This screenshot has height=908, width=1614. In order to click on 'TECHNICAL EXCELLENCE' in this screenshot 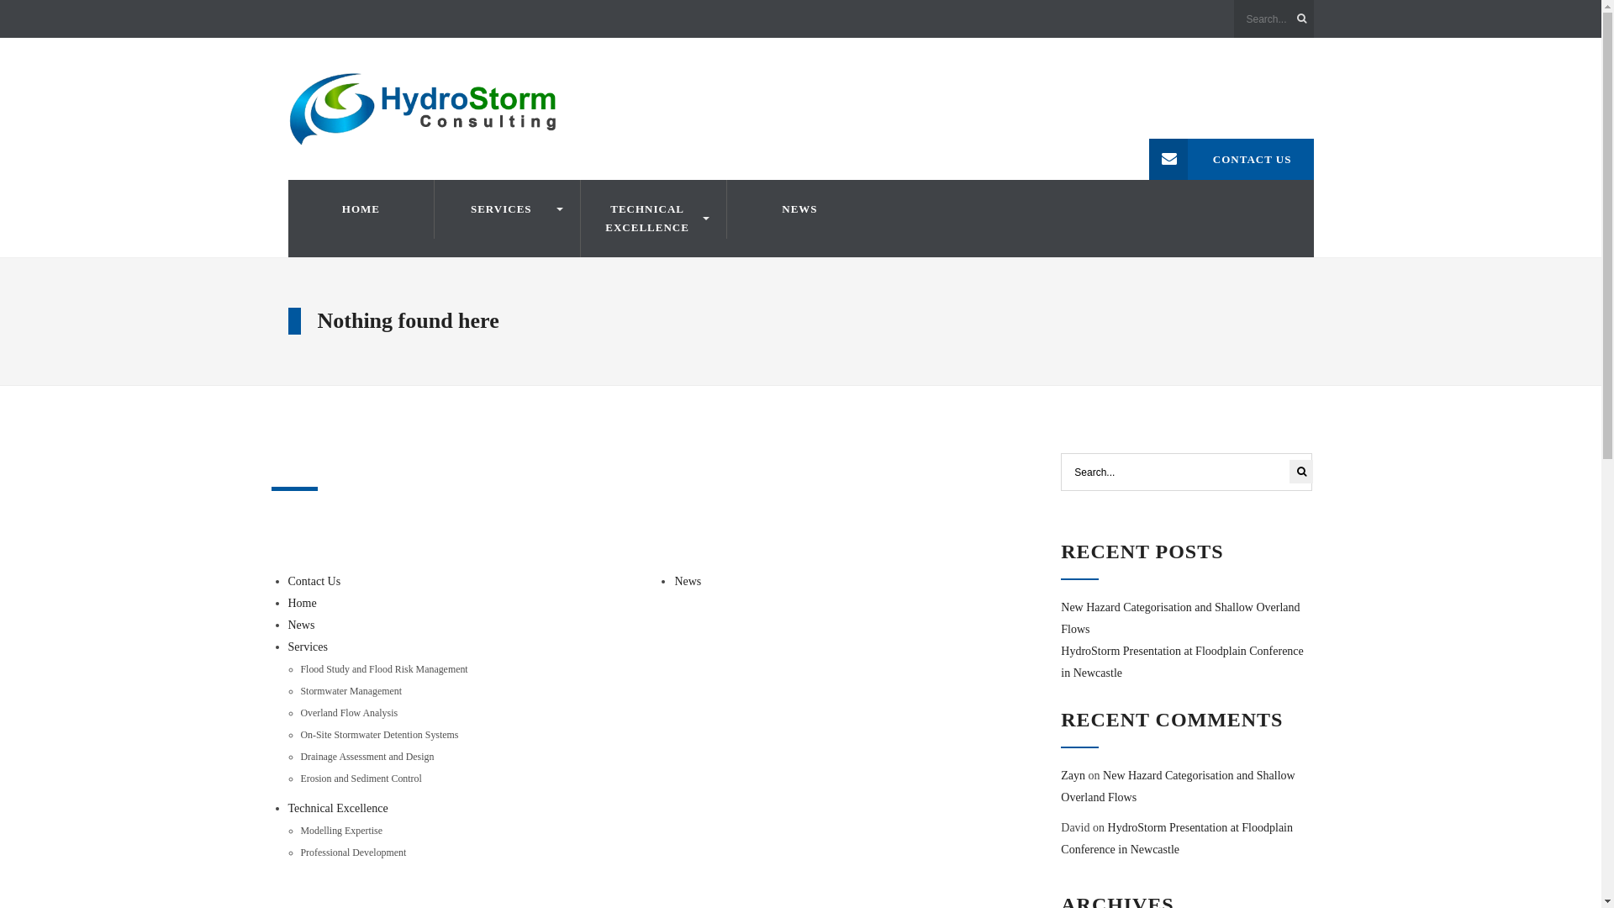, I will do `click(597, 217)`.